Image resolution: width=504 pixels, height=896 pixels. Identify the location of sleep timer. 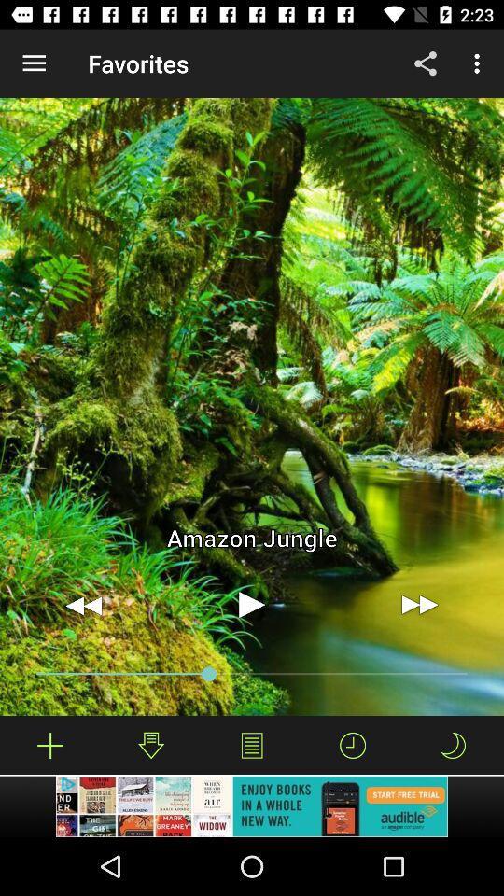
(452, 745).